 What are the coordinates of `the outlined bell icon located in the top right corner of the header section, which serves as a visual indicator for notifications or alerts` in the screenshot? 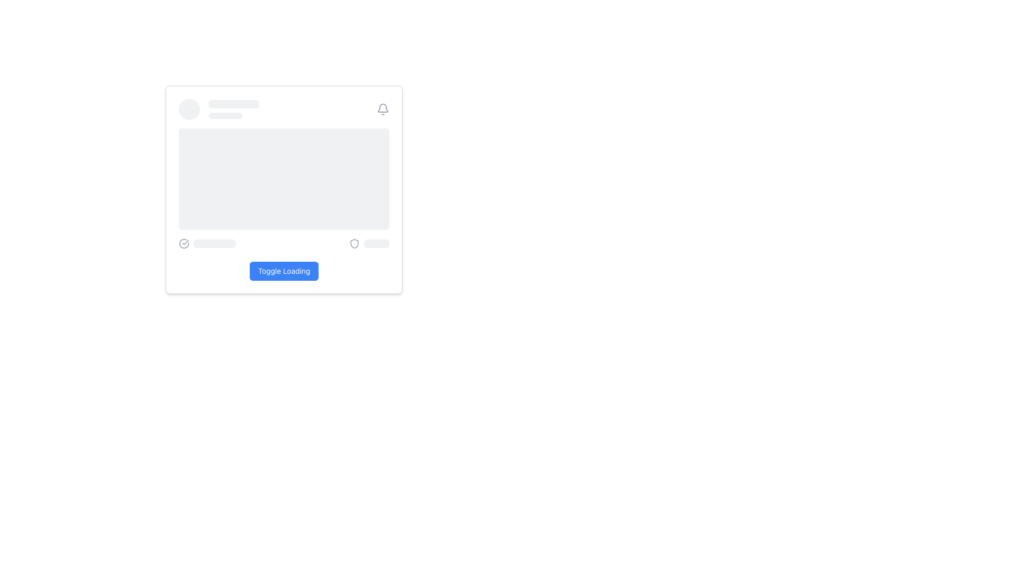 It's located at (383, 109).